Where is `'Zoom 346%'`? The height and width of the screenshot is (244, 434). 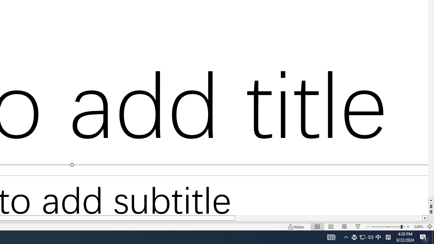 'Zoom 346%' is located at coordinates (418, 227).